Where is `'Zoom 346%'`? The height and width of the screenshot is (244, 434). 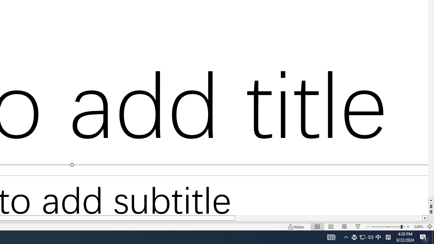 'Zoom 346%' is located at coordinates (418, 227).